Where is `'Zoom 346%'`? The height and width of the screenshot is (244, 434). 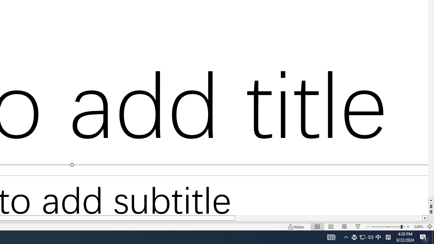 'Zoom 346%' is located at coordinates (418, 227).